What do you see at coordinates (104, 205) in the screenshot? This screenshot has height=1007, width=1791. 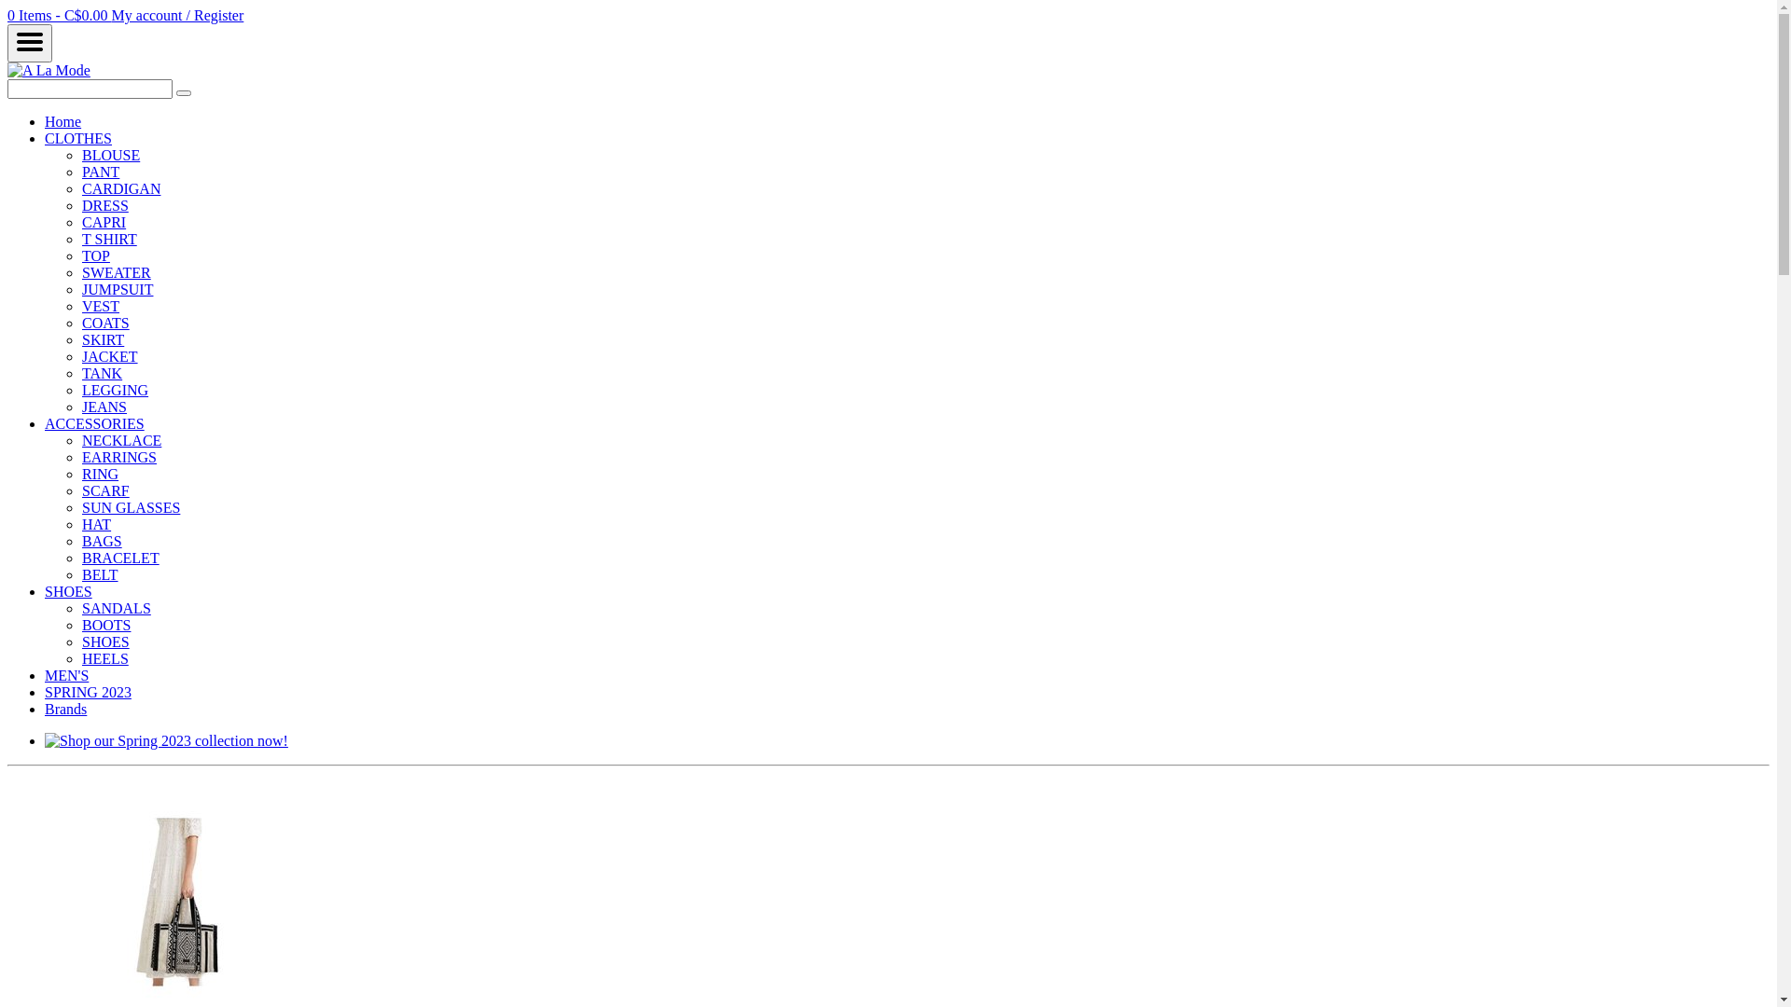 I see `'DRESS'` at bounding box center [104, 205].